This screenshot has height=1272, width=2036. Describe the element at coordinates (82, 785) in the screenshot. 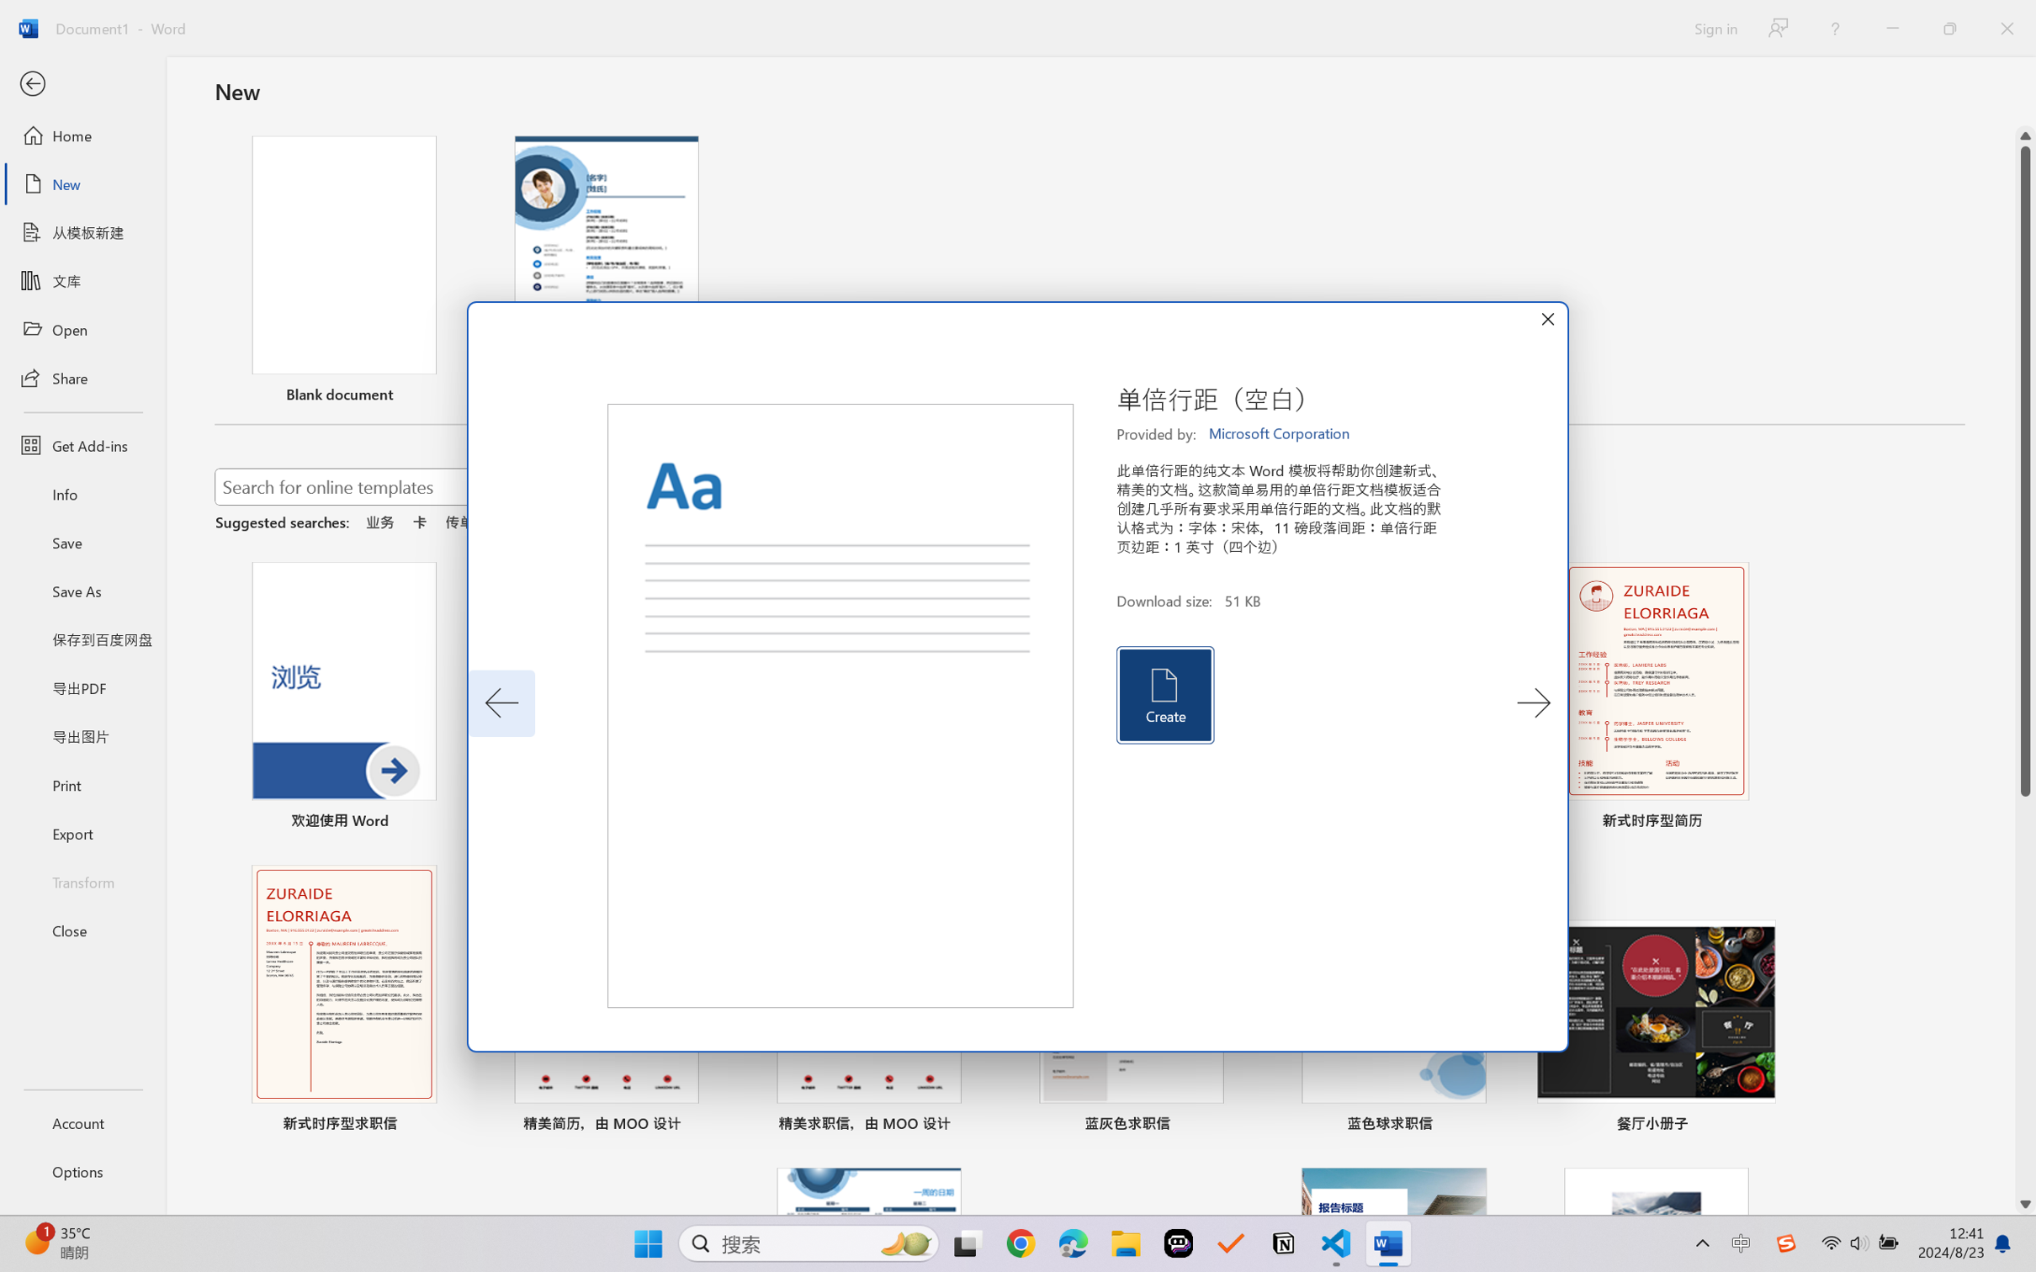

I see `'Print'` at that location.